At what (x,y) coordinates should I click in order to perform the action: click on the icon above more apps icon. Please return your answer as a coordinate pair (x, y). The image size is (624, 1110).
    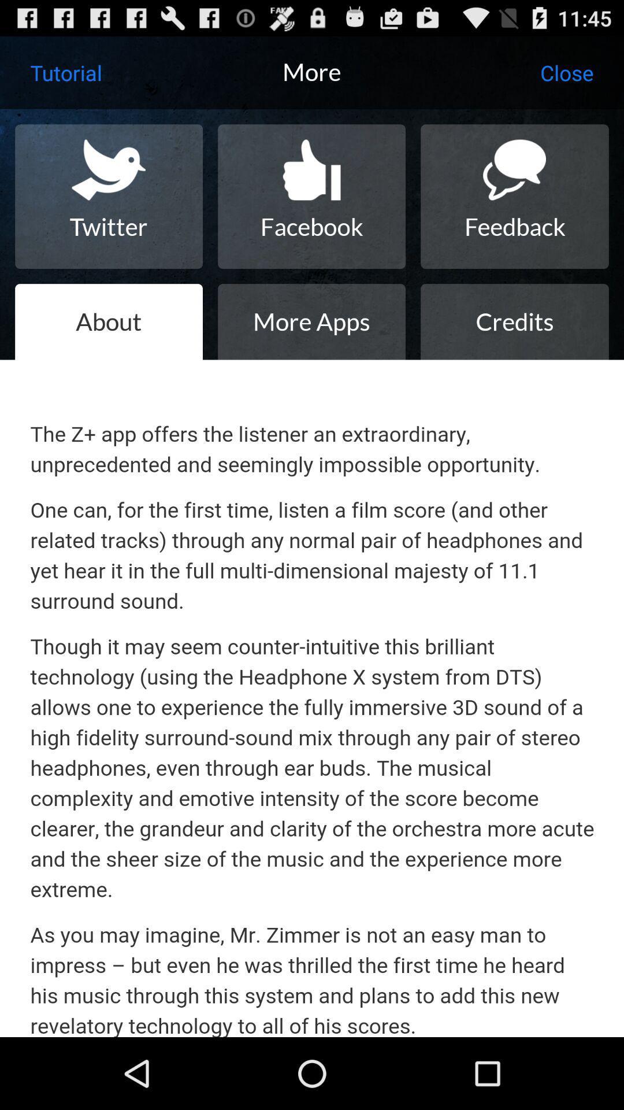
    Looking at the image, I should click on (311, 197).